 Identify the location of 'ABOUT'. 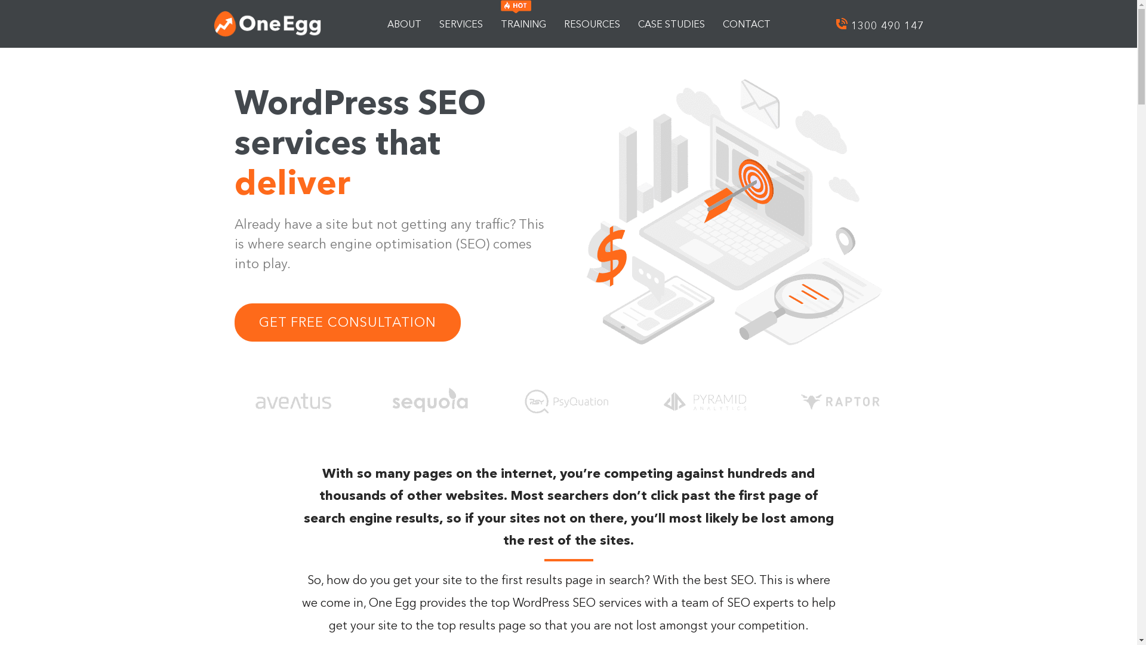
(404, 23).